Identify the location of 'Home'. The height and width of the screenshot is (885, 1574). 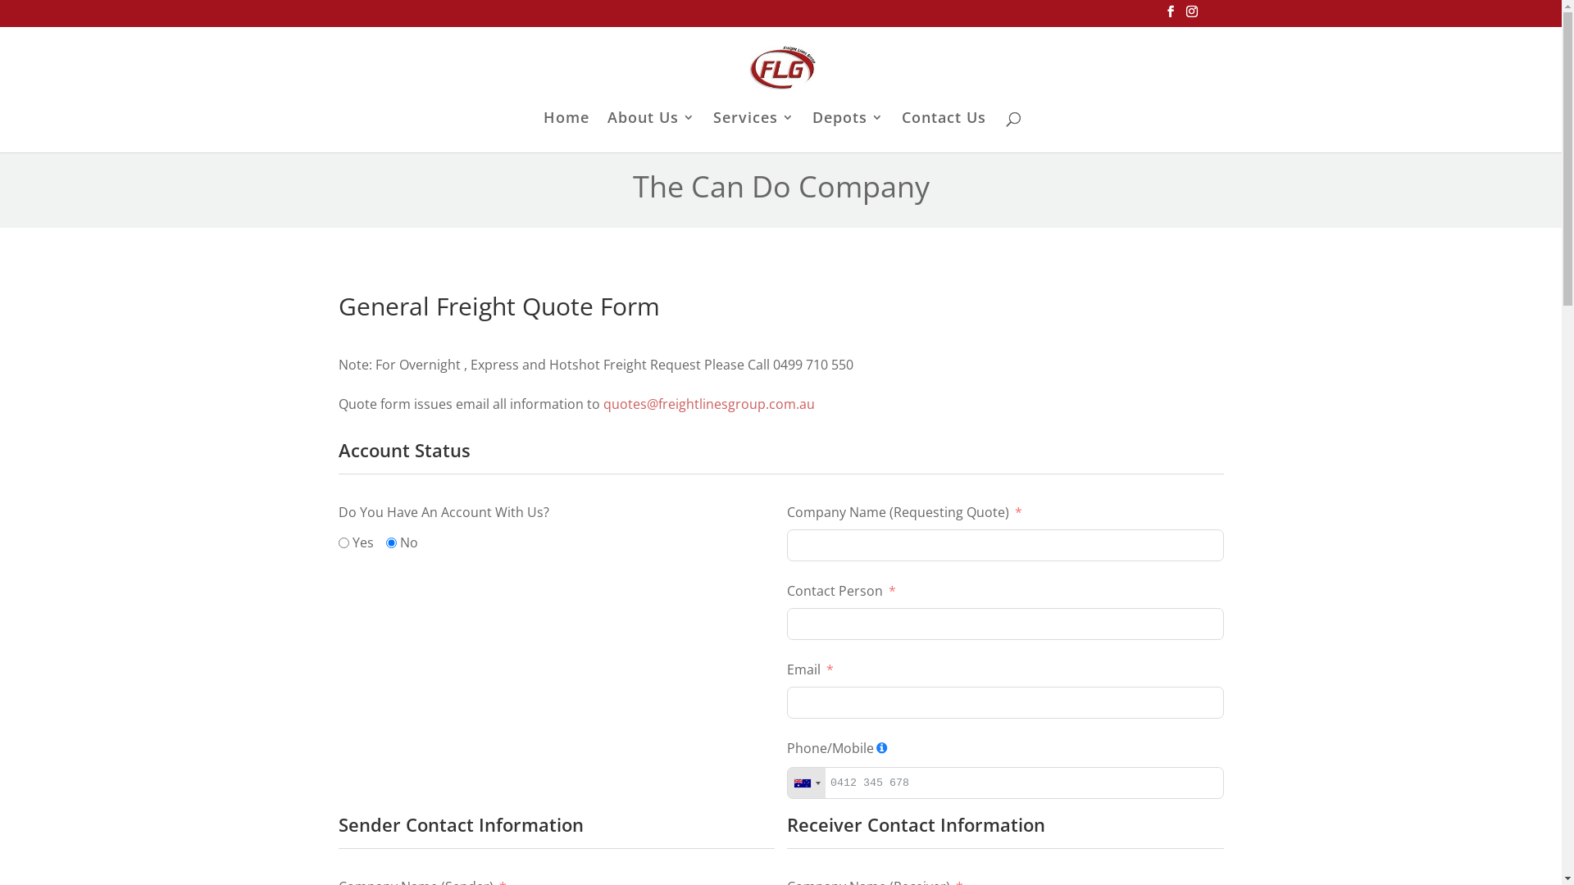
(543, 131).